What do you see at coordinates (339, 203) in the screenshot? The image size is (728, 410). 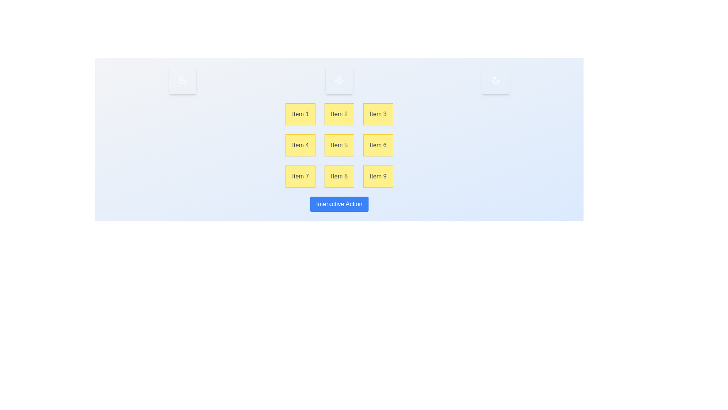 I see `the rectangular button with a blue background and white text labeled 'Interactive Action' to observe its styling changes` at bounding box center [339, 203].